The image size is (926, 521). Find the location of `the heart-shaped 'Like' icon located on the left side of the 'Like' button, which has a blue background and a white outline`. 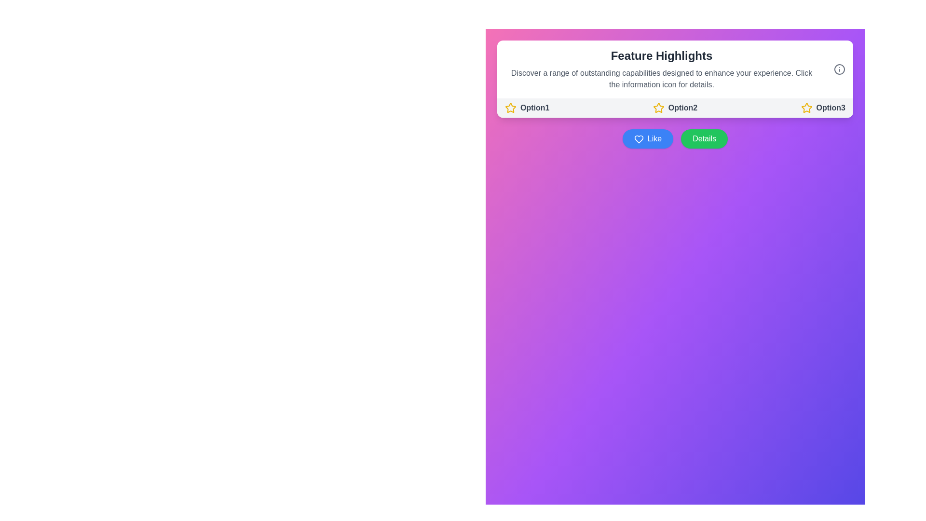

the heart-shaped 'Like' icon located on the left side of the 'Like' button, which has a blue background and a white outline is located at coordinates (639, 139).